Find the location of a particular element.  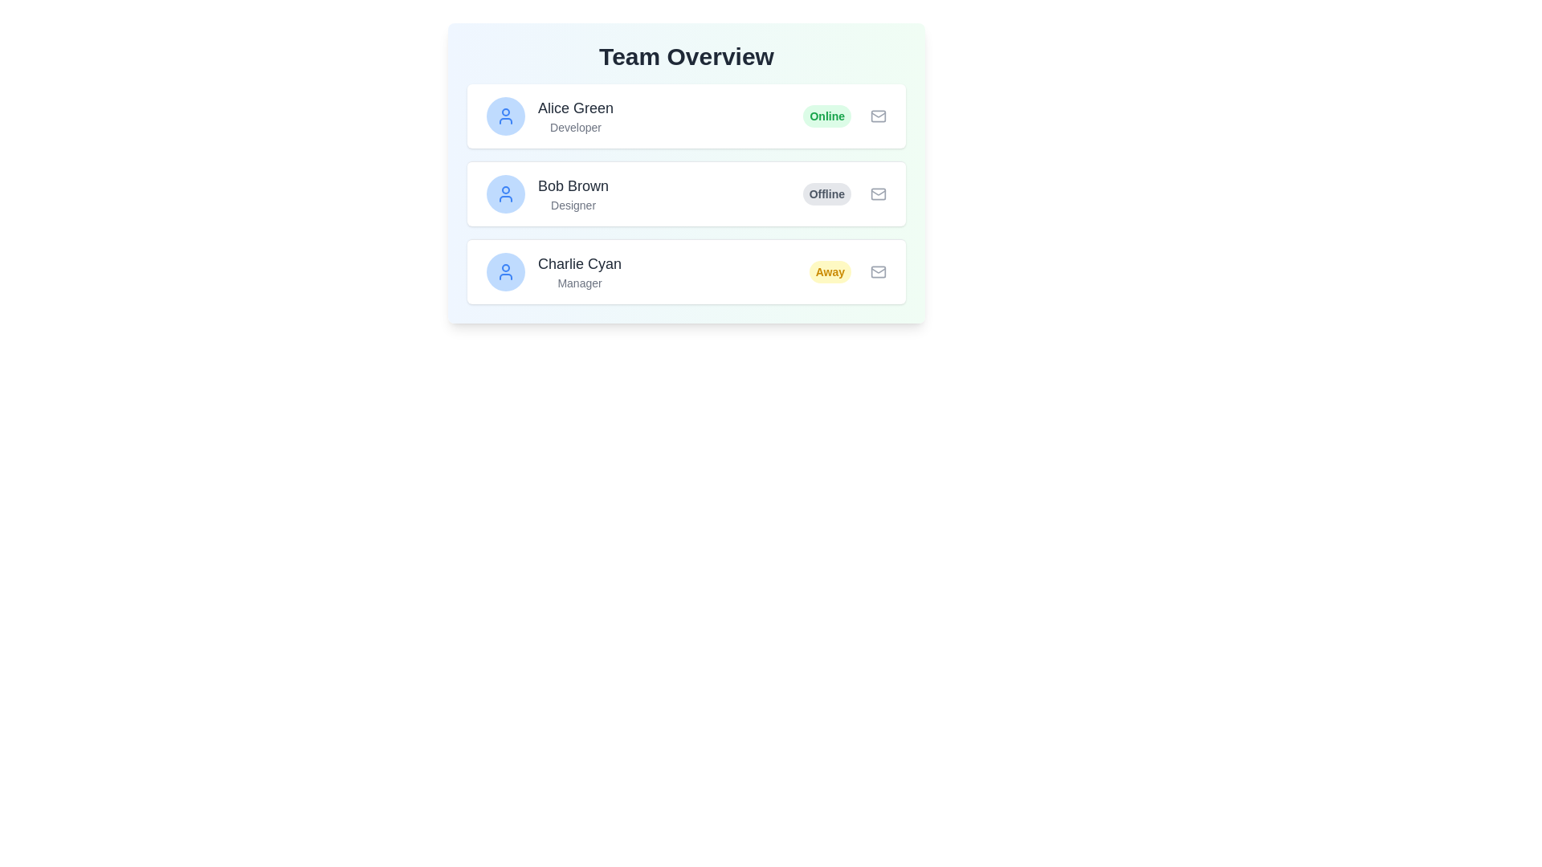

the User Avatar Icon, which is a circular icon with a light blue background and a darker blue user symbol, located at the top-left corner of the card for 'Bob Brown' is located at coordinates (504, 193).